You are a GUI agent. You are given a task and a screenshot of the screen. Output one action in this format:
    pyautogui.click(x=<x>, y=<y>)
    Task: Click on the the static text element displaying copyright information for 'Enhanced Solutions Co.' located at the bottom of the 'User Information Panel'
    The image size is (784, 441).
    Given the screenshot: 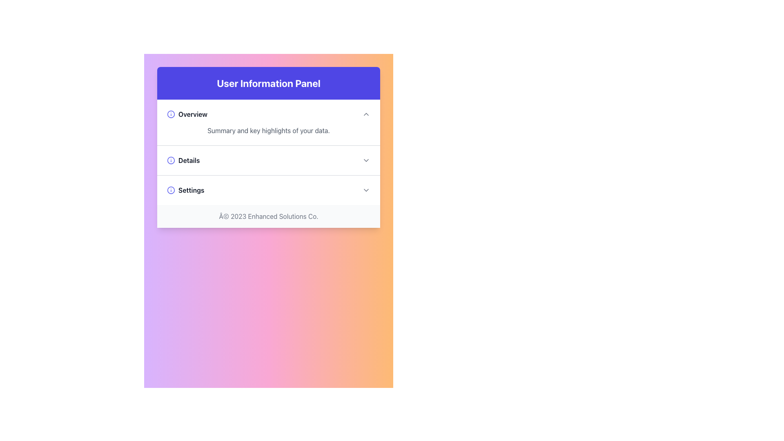 What is the action you would take?
    pyautogui.click(x=268, y=216)
    